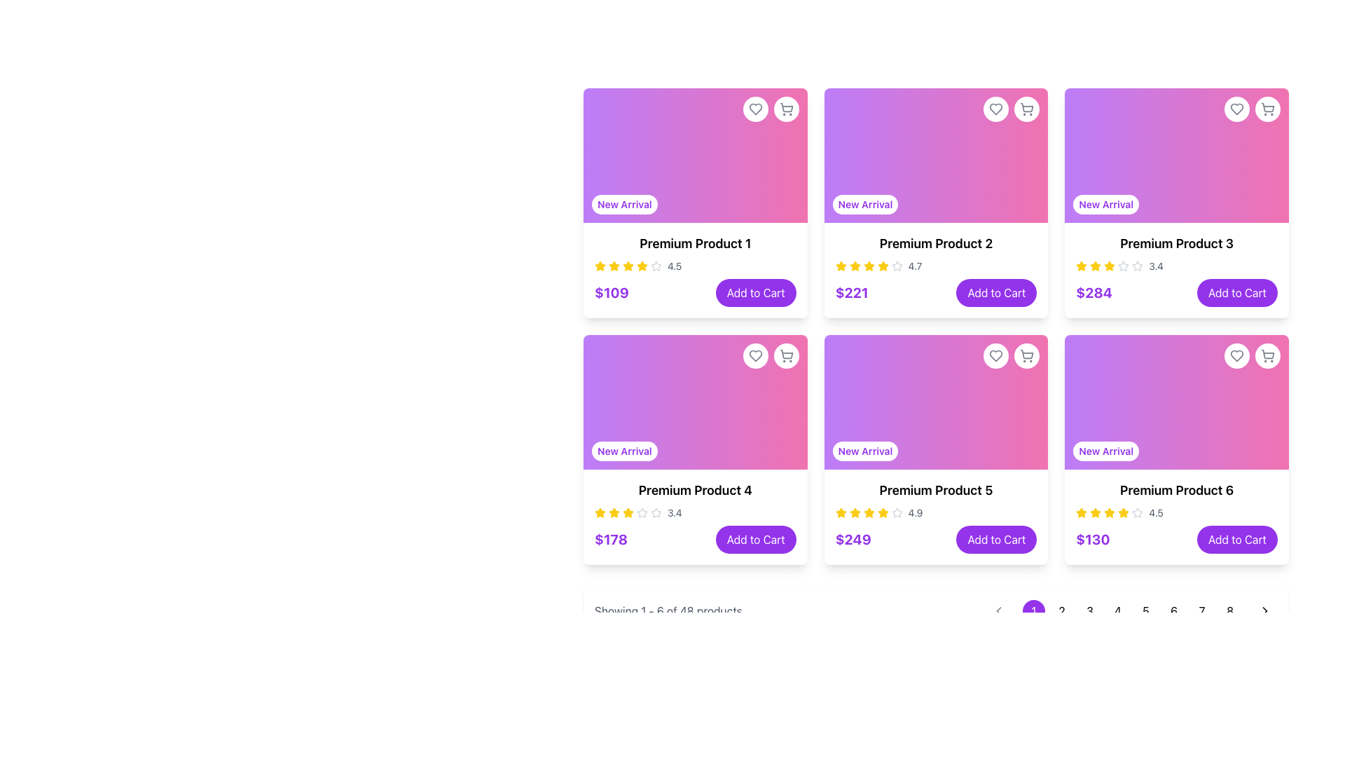 The width and height of the screenshot is (1345, 757). Describe the element at coordinates (754, 108) in the screenshot. I see `the heart-shaped icon in the top-right corner of the Premium Product 1 card to mark the product as favorite` at that location.